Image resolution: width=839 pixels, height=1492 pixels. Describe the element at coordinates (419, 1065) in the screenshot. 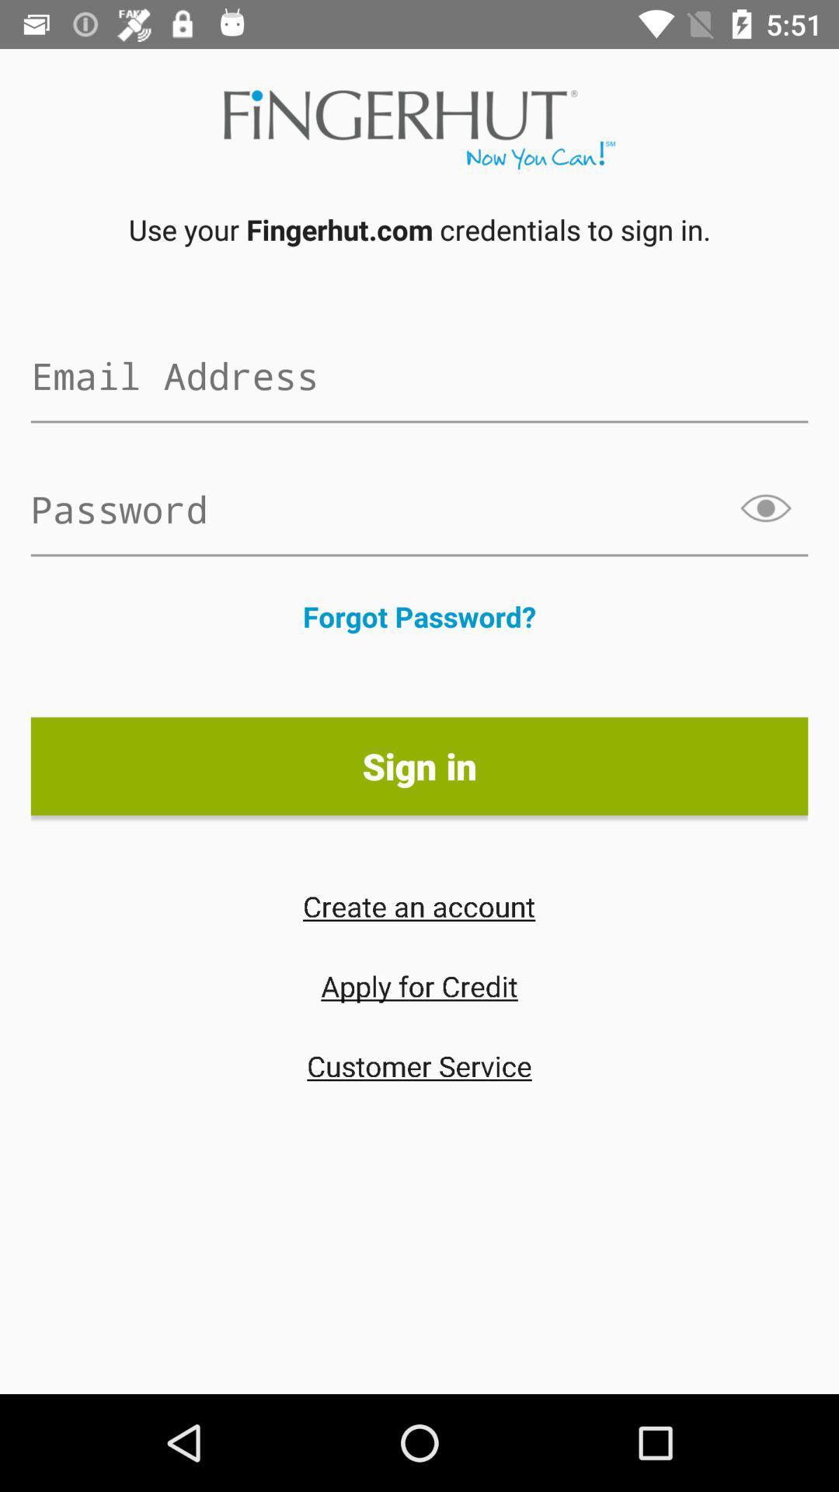

I see `the customer service icon` at that location.